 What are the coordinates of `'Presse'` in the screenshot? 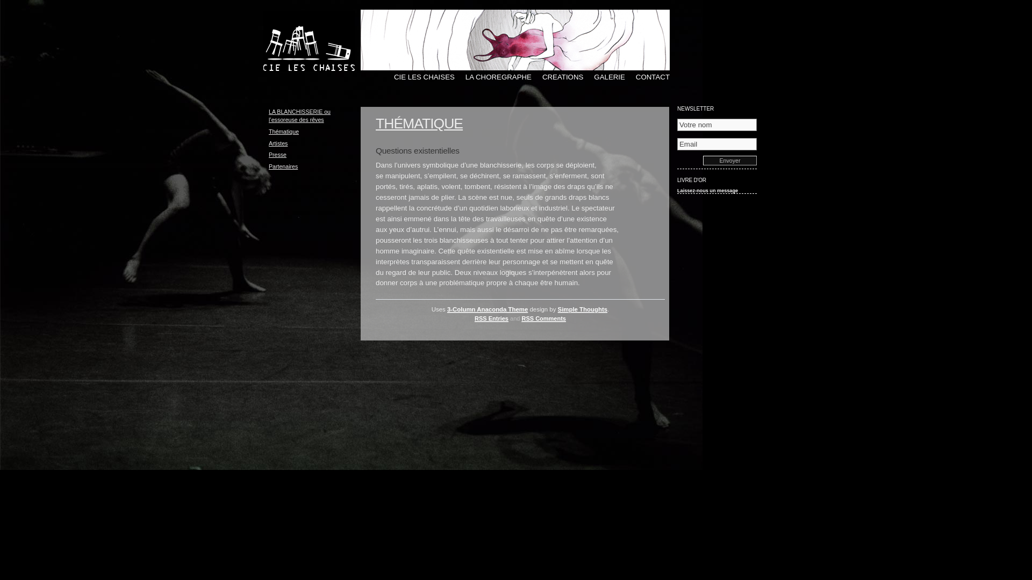 It's located at (277, 155).